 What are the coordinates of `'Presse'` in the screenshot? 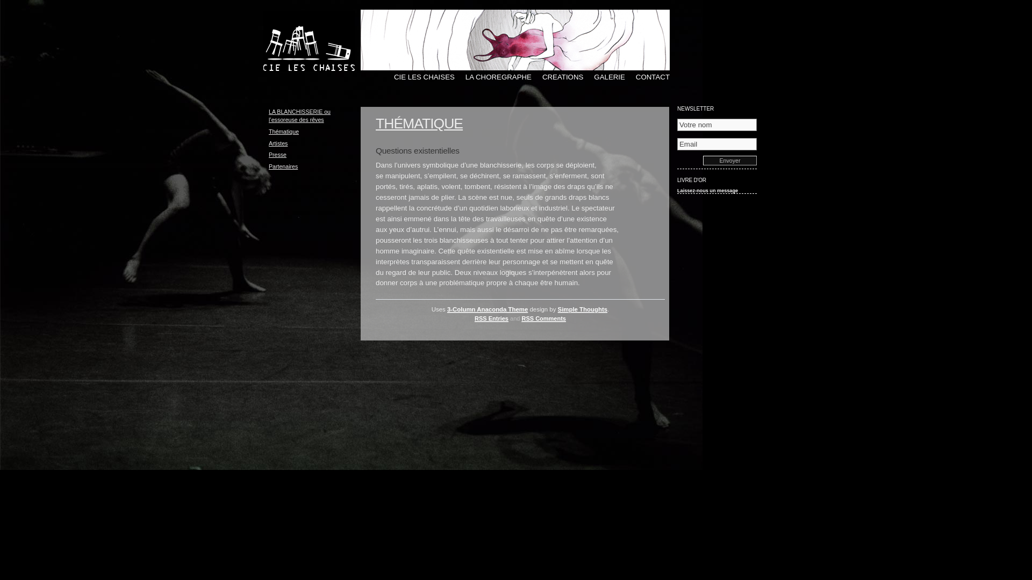 It's located at (277, 155).